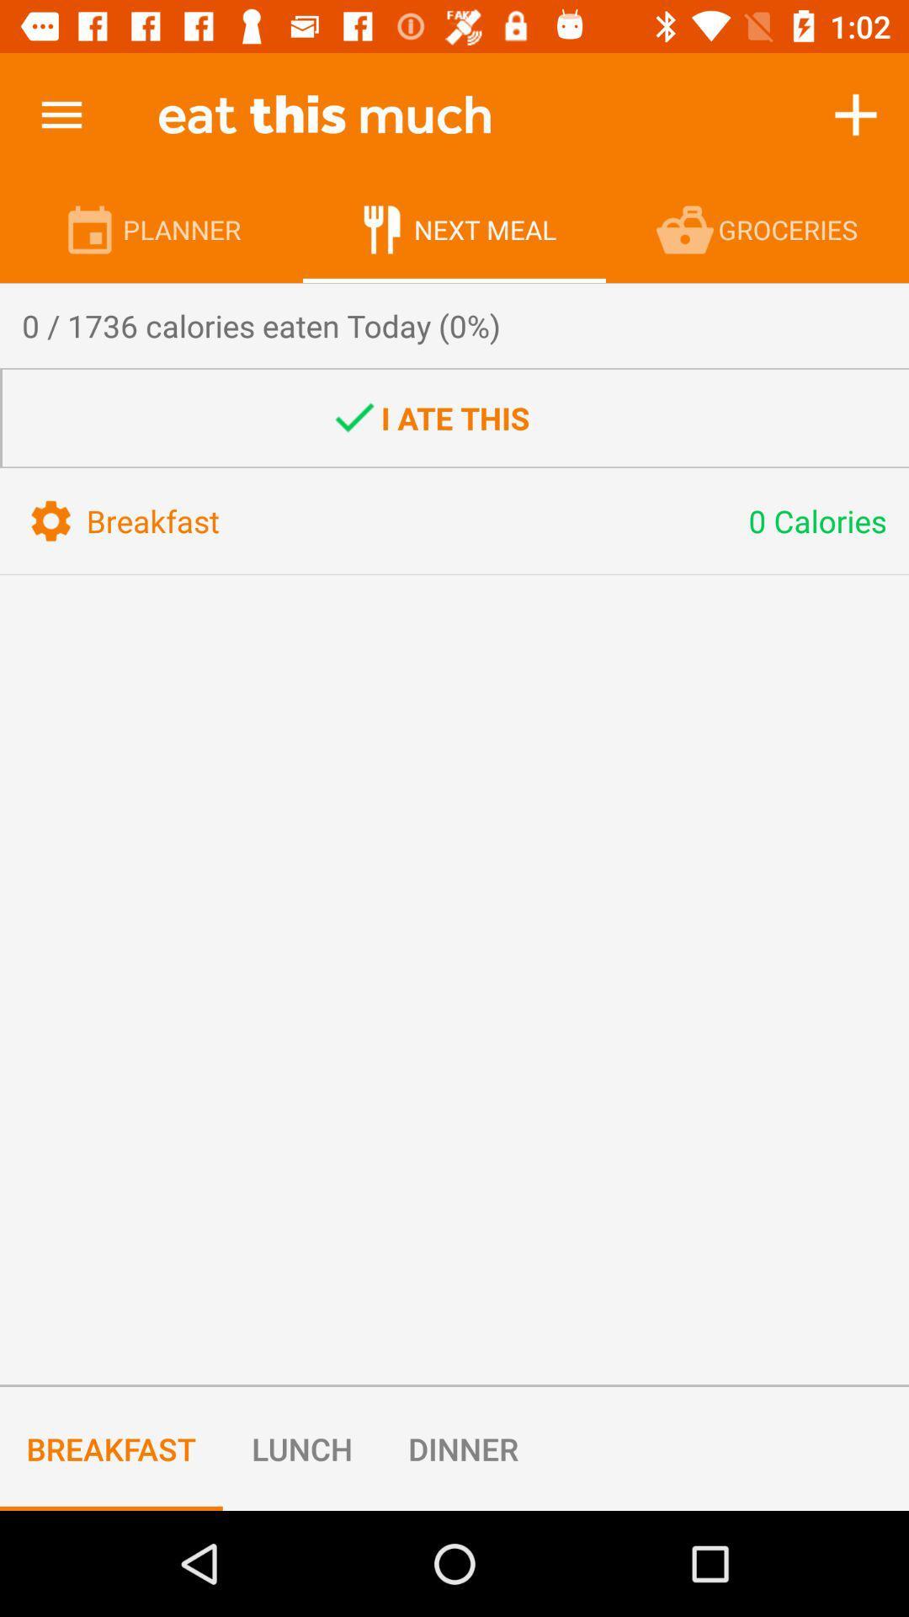 The height and width of the screenshot is (1617, 909). I want to click on the icon above the groceries, so click(856, 114).